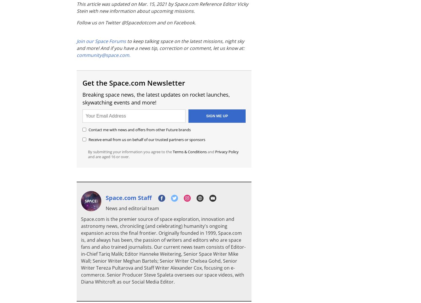  I want to click on 'Breaking space news, the latest updates on rocket launches, skywatching events and more!', so click(156, 98).